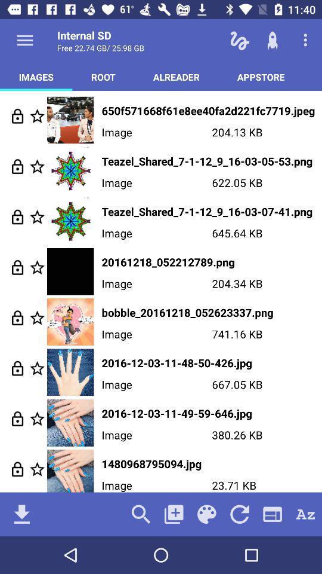 This screenshot has height=574, width=322. Describe the element at coordinates (37, 469) in the screenshot. I see `to favorites` at that location.